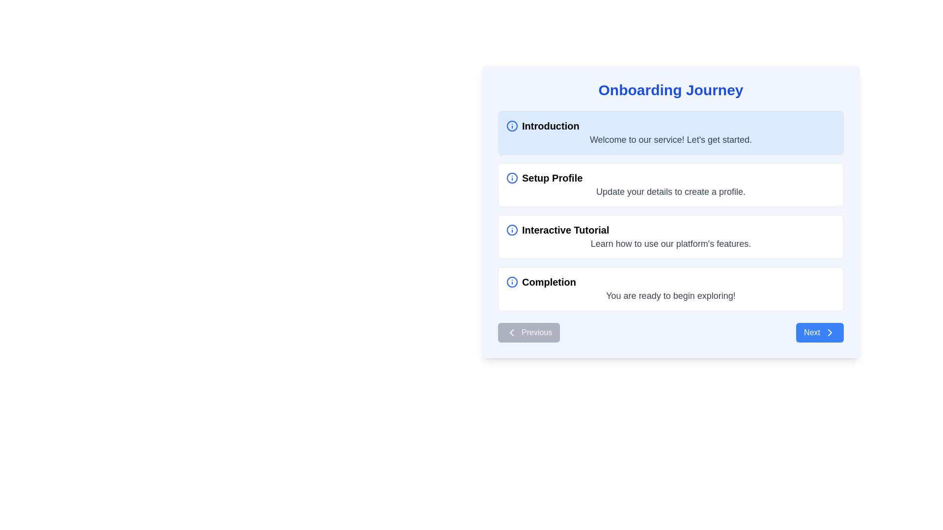 Image resolution: width=943 pixels, height=530 pixels. Describe the element at coordinates (670, 140) in the screenshot. I see `welcoming message text presented in the light blue background box located beneath the 'Introduction' header` at that location.